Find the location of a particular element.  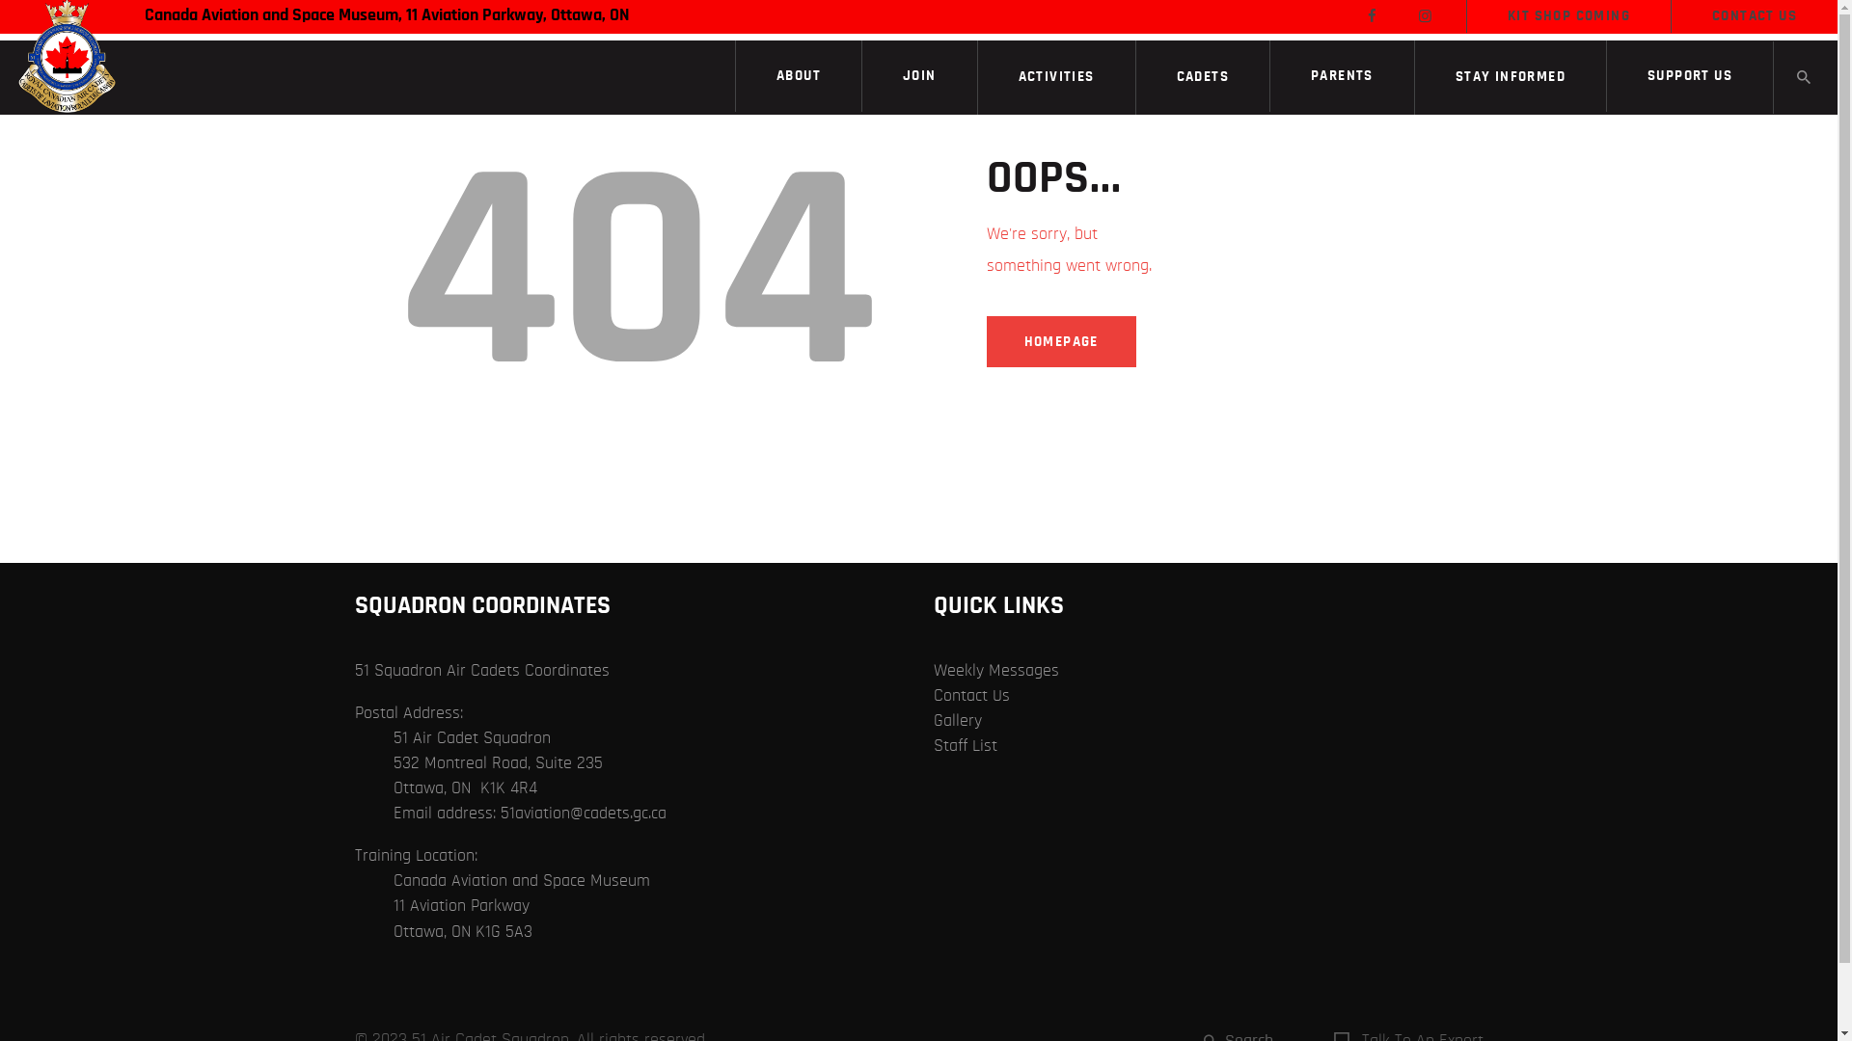

'Weekly Messages' is located at coordinates (934, 669).